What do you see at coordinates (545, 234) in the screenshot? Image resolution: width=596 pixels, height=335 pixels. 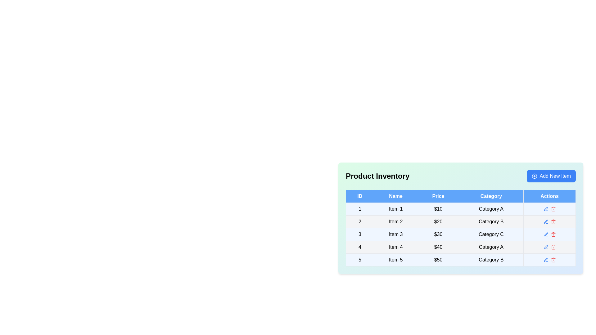 I see `the SVG Pen Edit Icon in the Actions column of the third row of the table` at bounding box center [545, 234].